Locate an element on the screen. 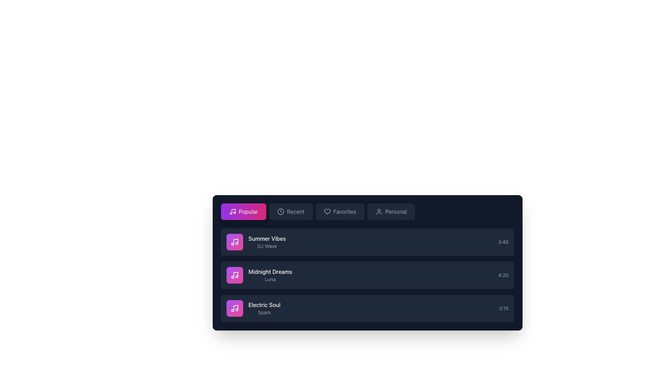  the button displaying the text 'Popular', which has a gradient background from purple to pink and is styled with a rounded rectangular shape is located at coordinates (248, 211).